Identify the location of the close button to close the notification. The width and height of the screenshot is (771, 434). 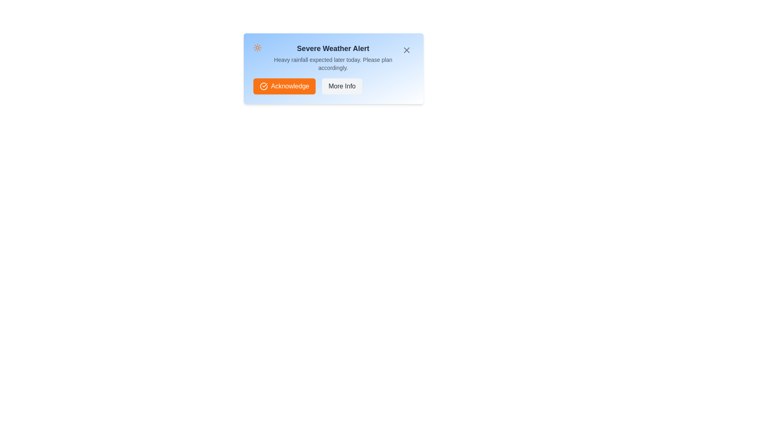
(406, 50).